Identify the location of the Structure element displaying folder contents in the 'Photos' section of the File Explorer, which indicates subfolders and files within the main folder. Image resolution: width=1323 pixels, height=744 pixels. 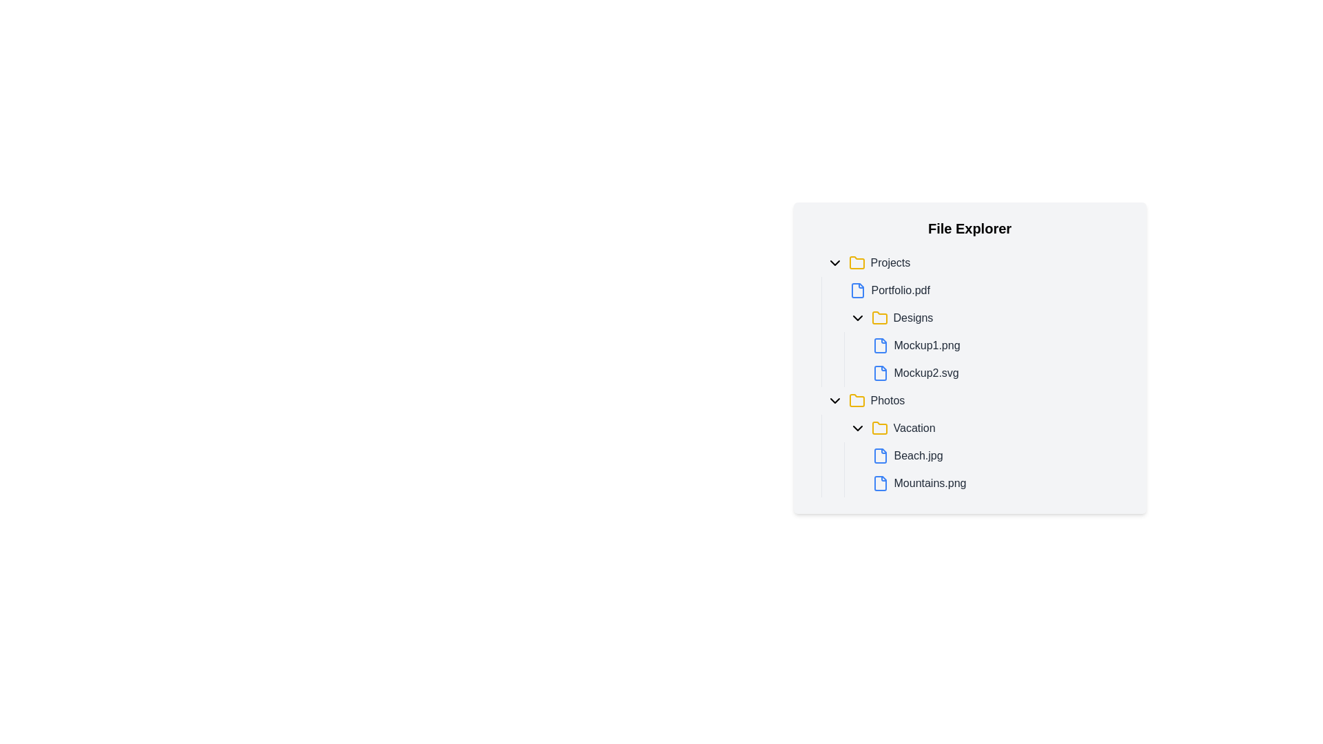
(974, 442).